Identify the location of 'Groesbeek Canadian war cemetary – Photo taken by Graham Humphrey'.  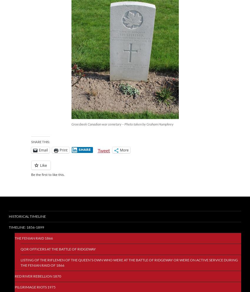
(71, 124).